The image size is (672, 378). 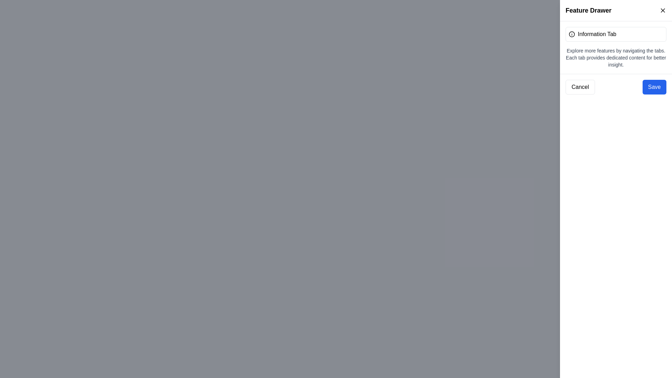 What do you see at coordinates (588, 10) in the screenshot?
I see `text header labeled 'Feature Drawer' located at the top of the sidebar panel` at bounding box center [588, 10].